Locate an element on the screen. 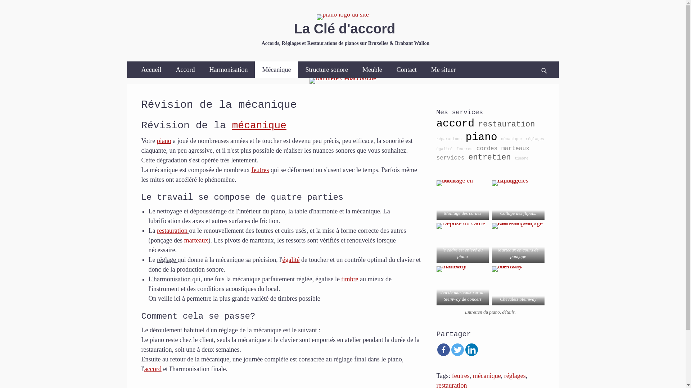 The image size is (691, 388). 'cordes' is located at coordinates (477, 148).